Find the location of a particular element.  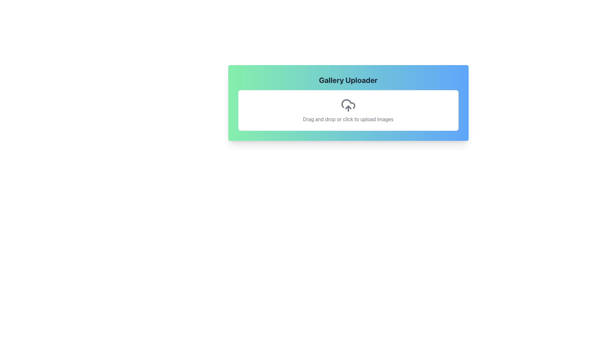

the Interactive file uploader area is located at coordinates (348, 102).